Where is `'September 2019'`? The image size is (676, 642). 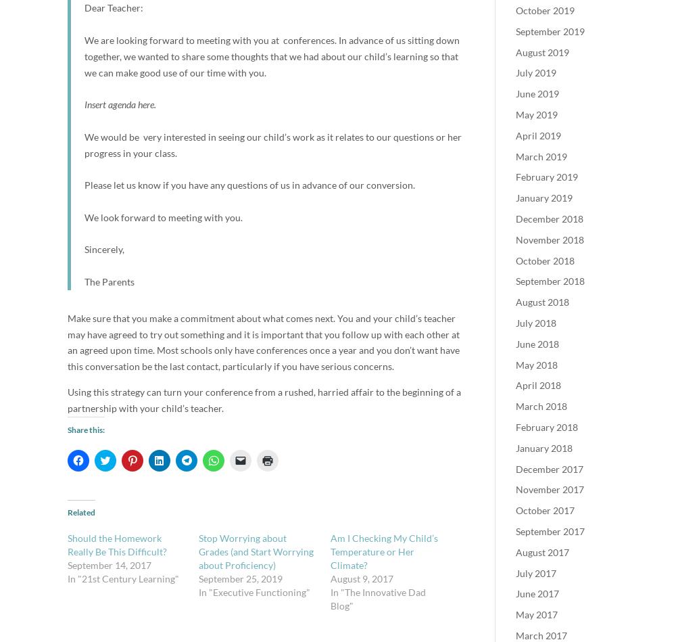
'September 2019' is located at coordinates (516, 30).